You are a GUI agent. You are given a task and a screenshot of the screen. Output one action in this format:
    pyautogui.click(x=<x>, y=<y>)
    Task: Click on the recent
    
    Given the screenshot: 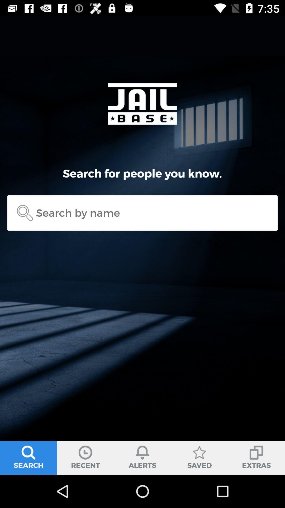 What is the action you would take?
    pyautogui.click(x=85, y=458)
    